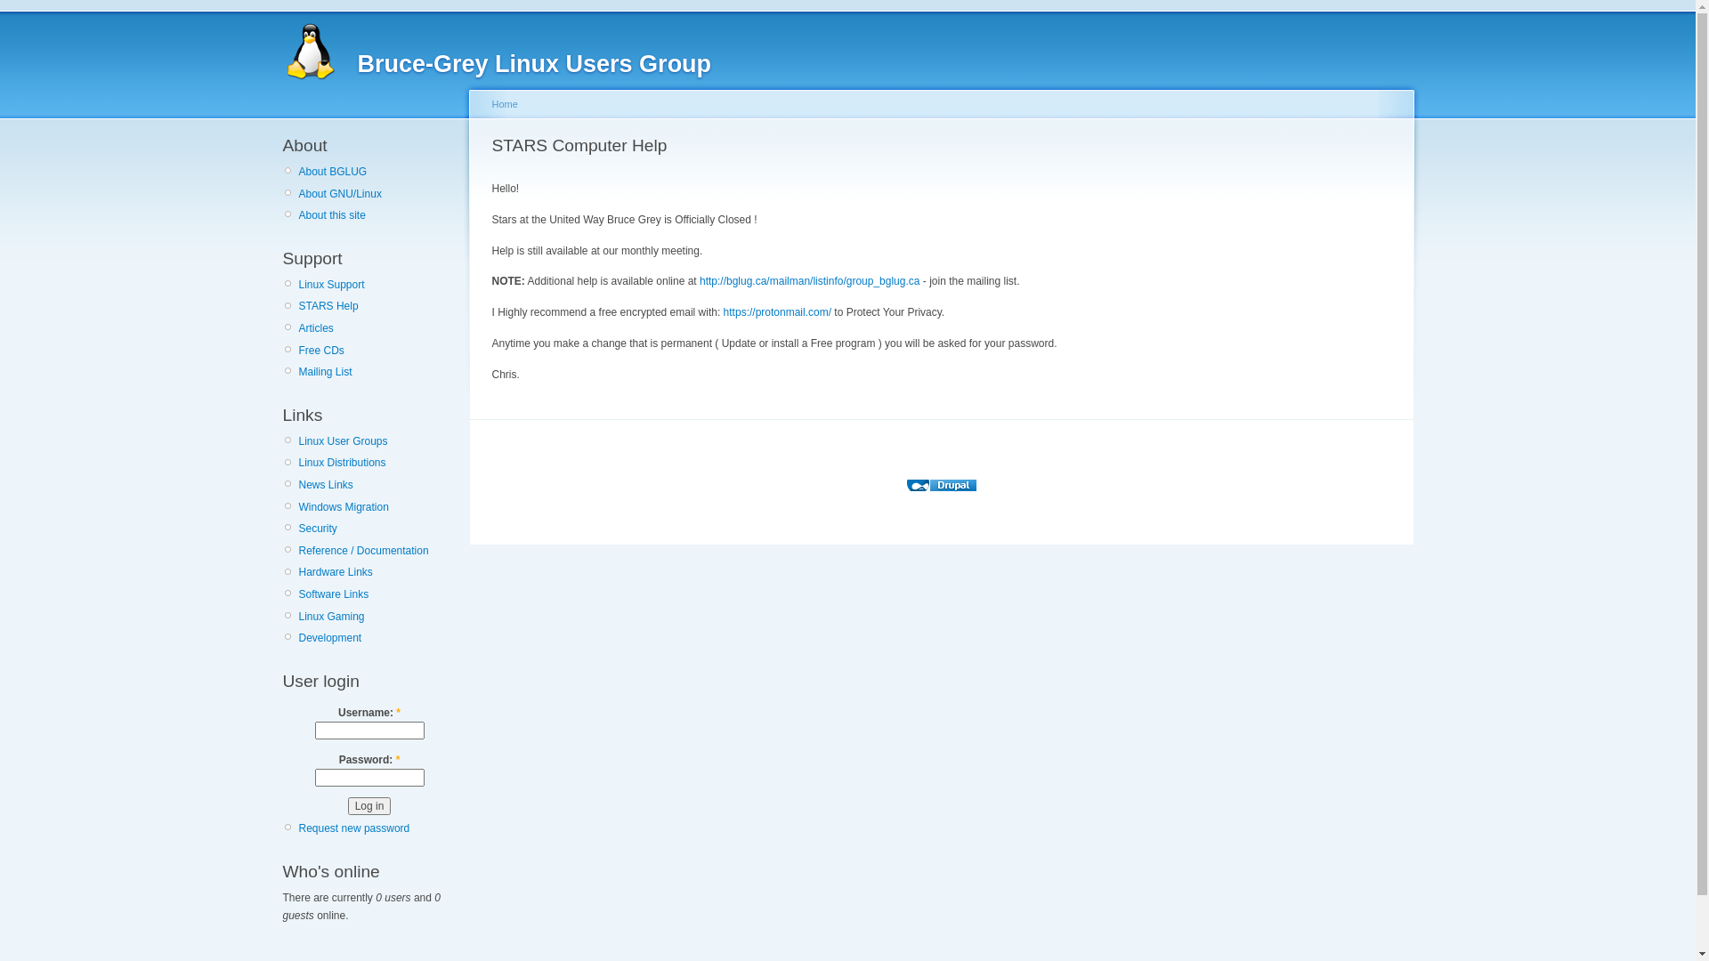  I want to click on 'Articles', so click(377, 328).